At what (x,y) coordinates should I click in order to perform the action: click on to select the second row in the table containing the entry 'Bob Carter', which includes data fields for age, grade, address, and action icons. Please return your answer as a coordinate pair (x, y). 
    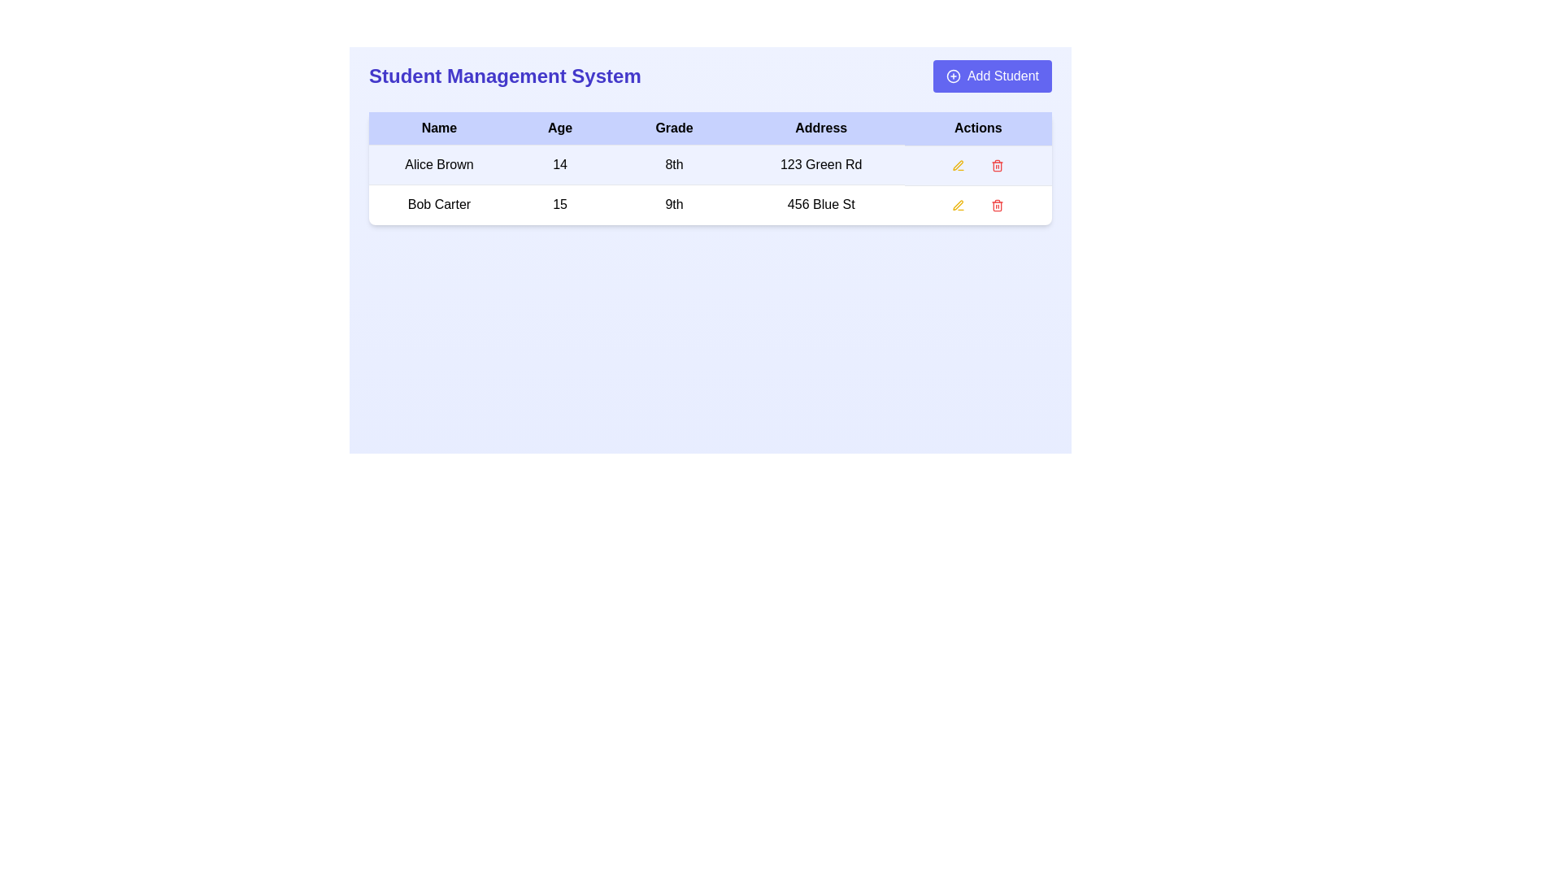
    Looking at the image, I should click on (710, 203).